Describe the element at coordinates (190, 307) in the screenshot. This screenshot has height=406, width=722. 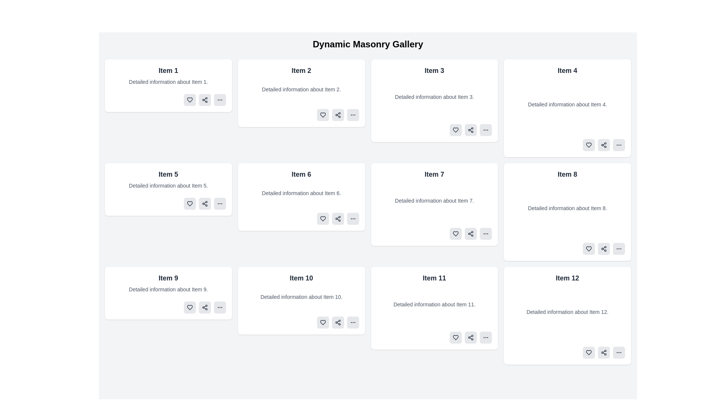
I see `the heart icon button located in the bottom-right corner of the card labeled 'Item 9'` at that location.